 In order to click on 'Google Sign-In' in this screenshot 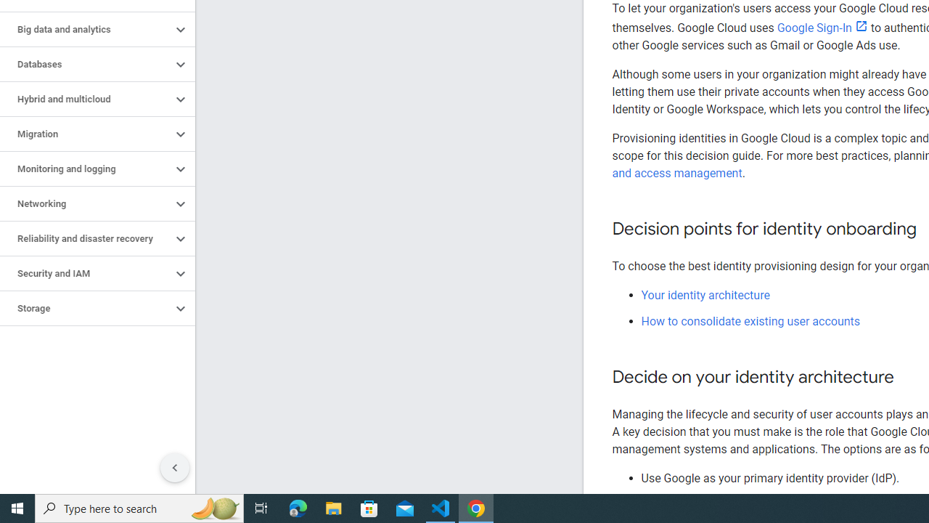, I will do `click(822, 28)`.